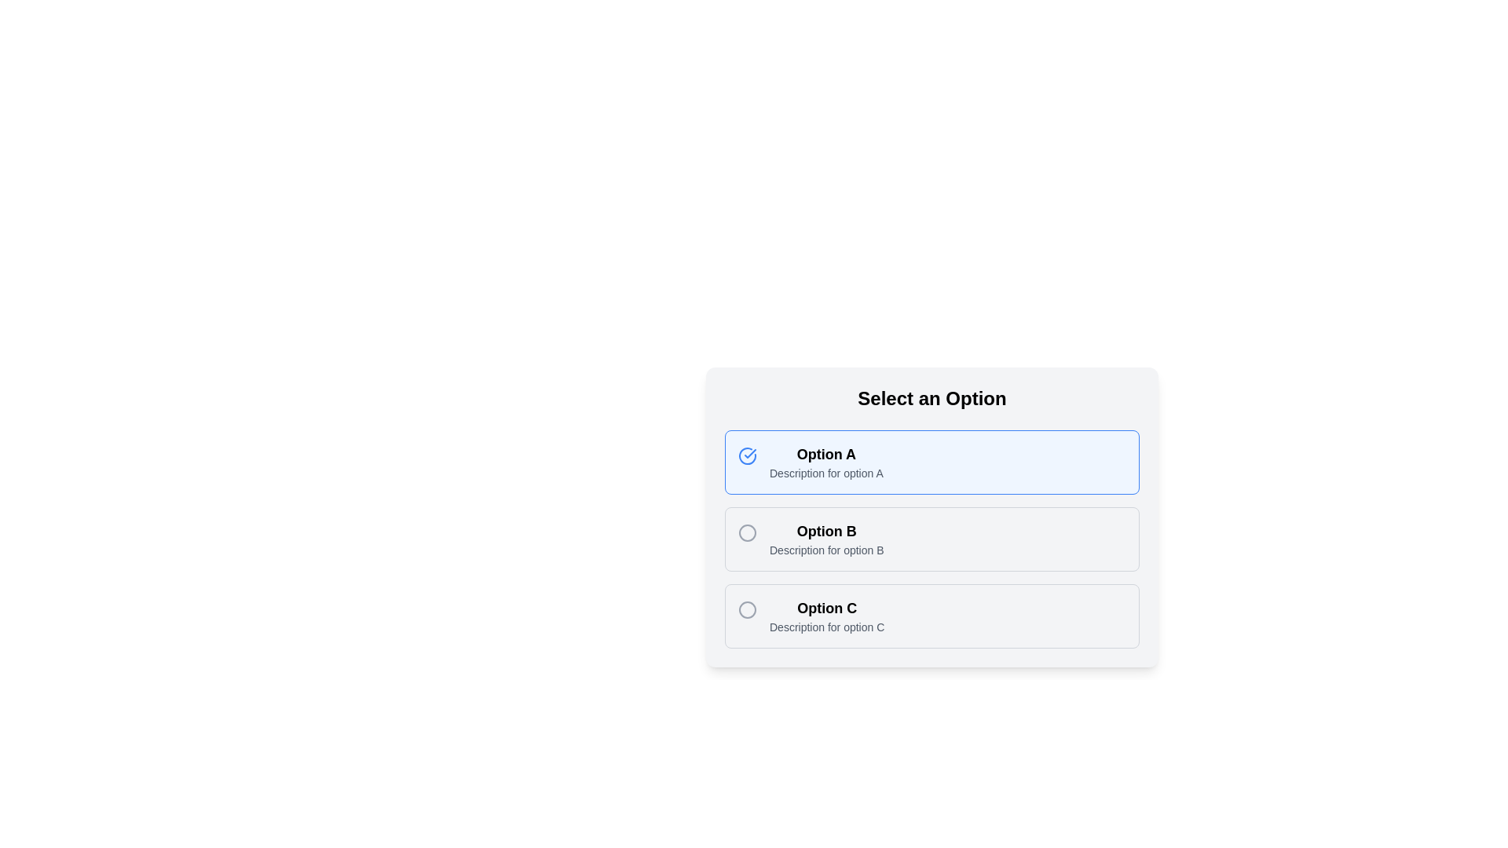 The image size is (1508, 848). What do you see at coordinates (746, 532) in the screenshot?
I see `the circular radio button indicator to the left of the label 'Option B'` at bounding box center [746, 532].